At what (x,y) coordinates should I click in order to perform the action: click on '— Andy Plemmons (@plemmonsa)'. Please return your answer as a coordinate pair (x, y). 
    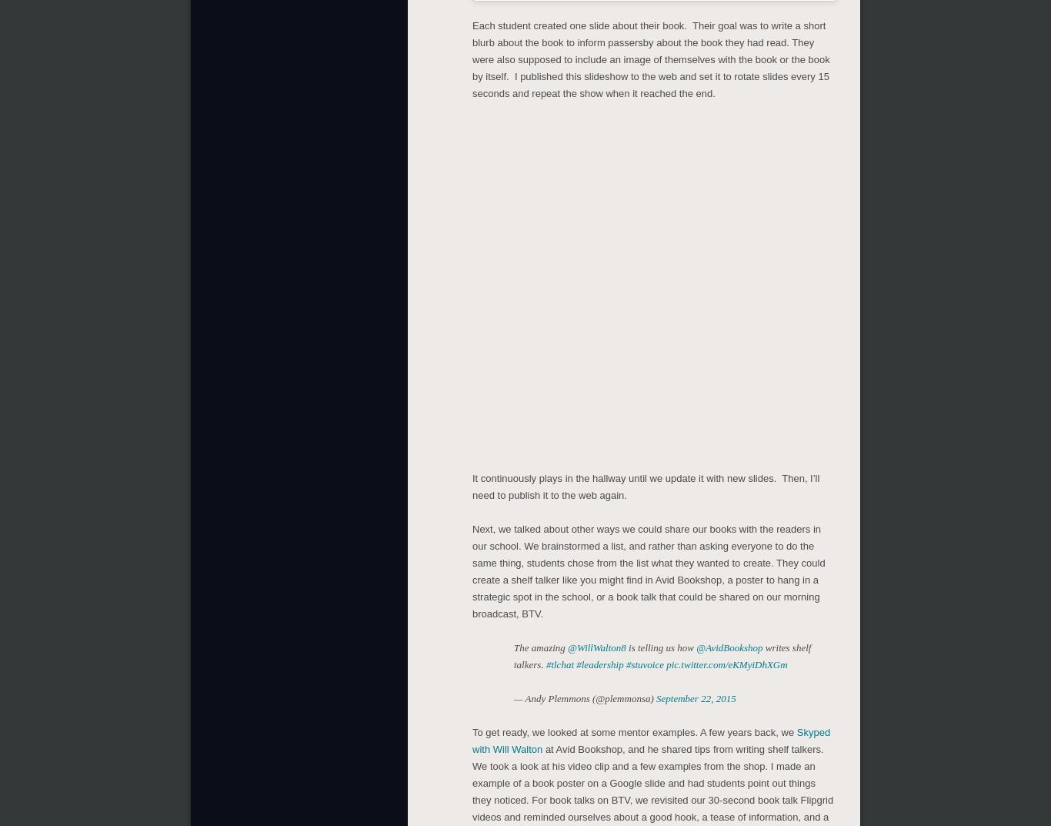
    Looking at the image, I should click on (585, 698).